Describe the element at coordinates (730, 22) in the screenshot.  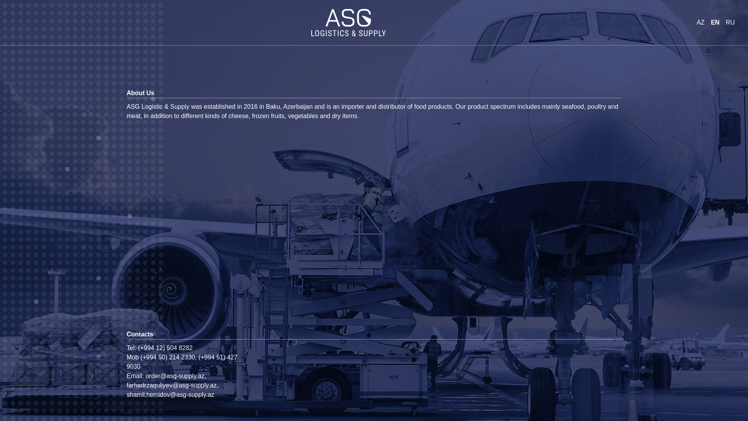
I see `'RU'` at that location.